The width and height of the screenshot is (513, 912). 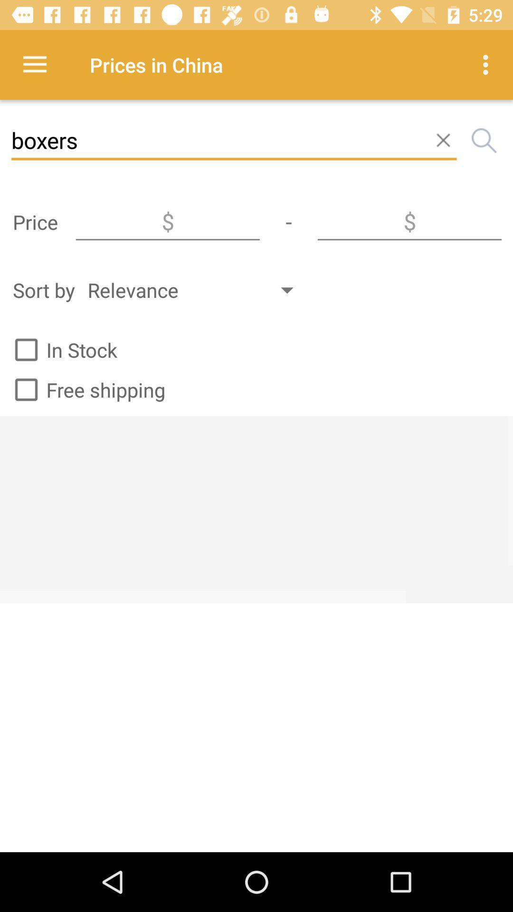 I want to click on the in stock, so click(x=62, y=349).